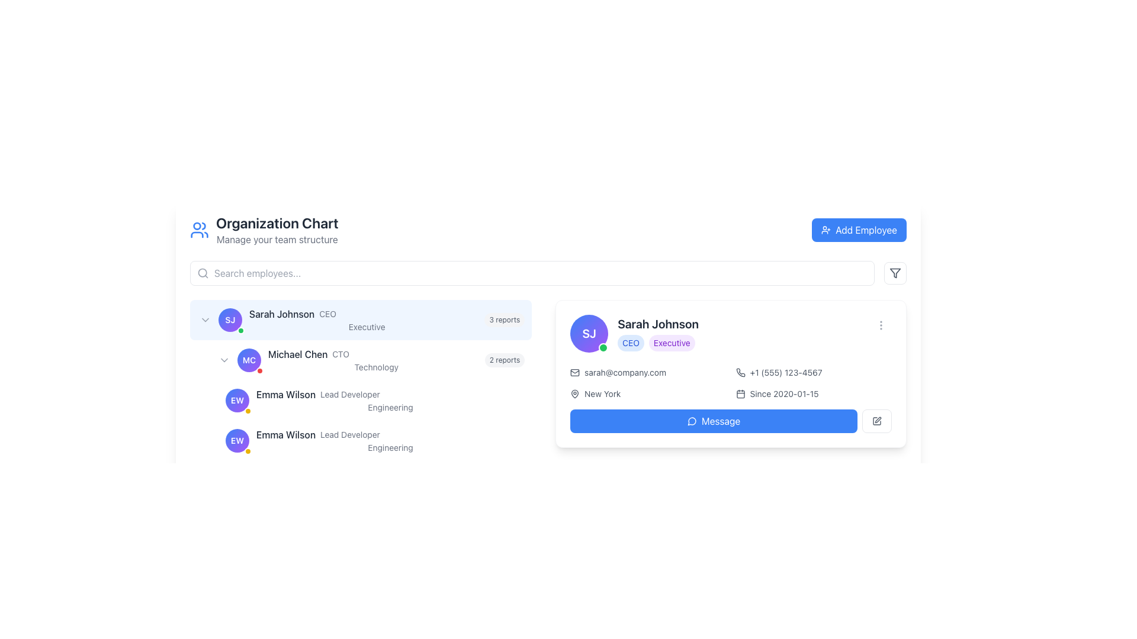  I want to click on the toggle button adjacent to the avatar labeled 'SJ' in the row for 'Sarah Johnson', so click(205, 319).